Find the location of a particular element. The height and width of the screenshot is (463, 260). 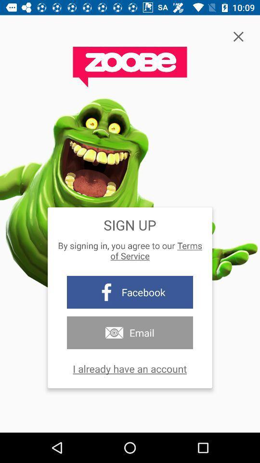

the by signing in icon is located at coordinates (130, 250).